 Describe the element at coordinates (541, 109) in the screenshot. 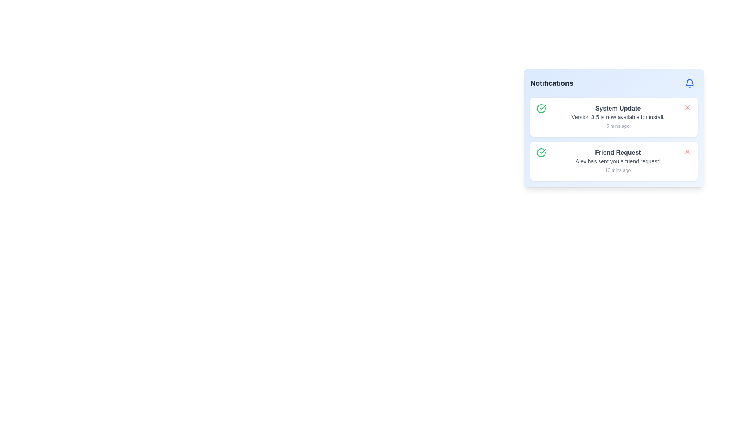

I see `the circular outline of the green checkmark icon on the left side of the 'Friend Request' notification card in the notification panel` at that location.